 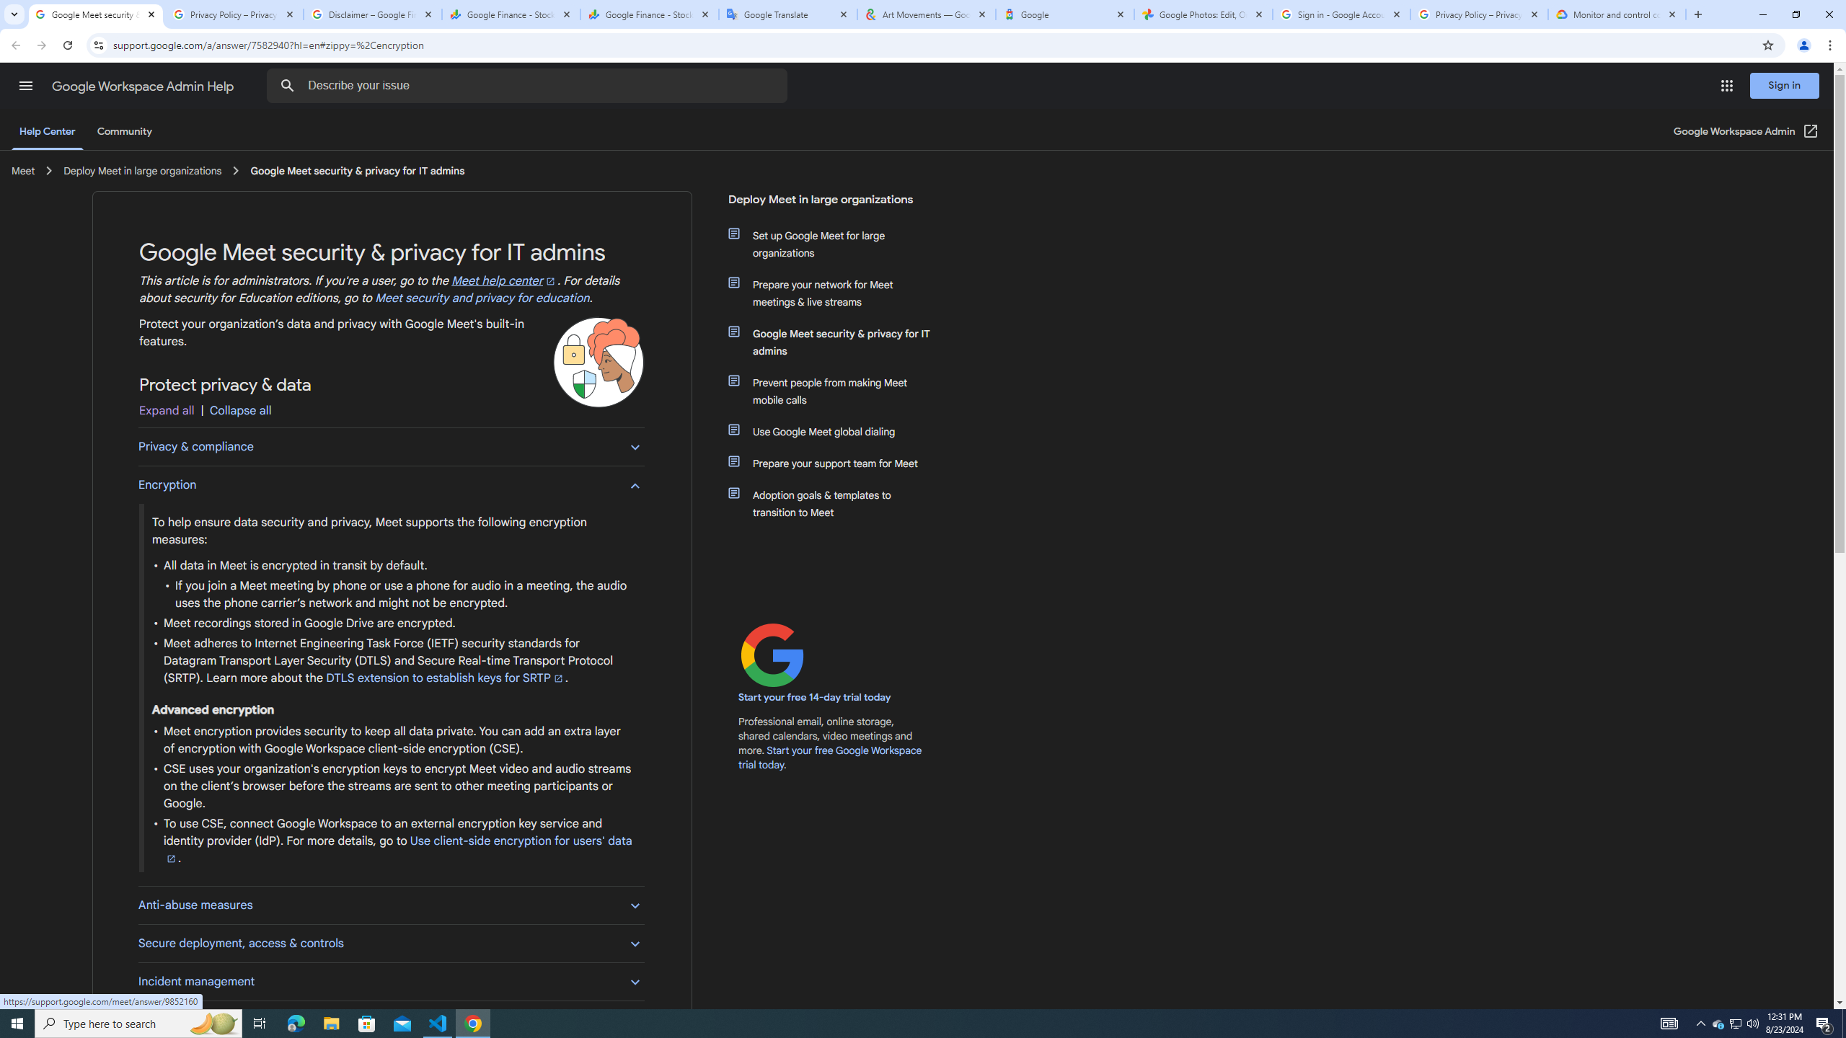 I want to click on 'DTLS extension to establish keys for SRTP', so click(x=445, y=678).